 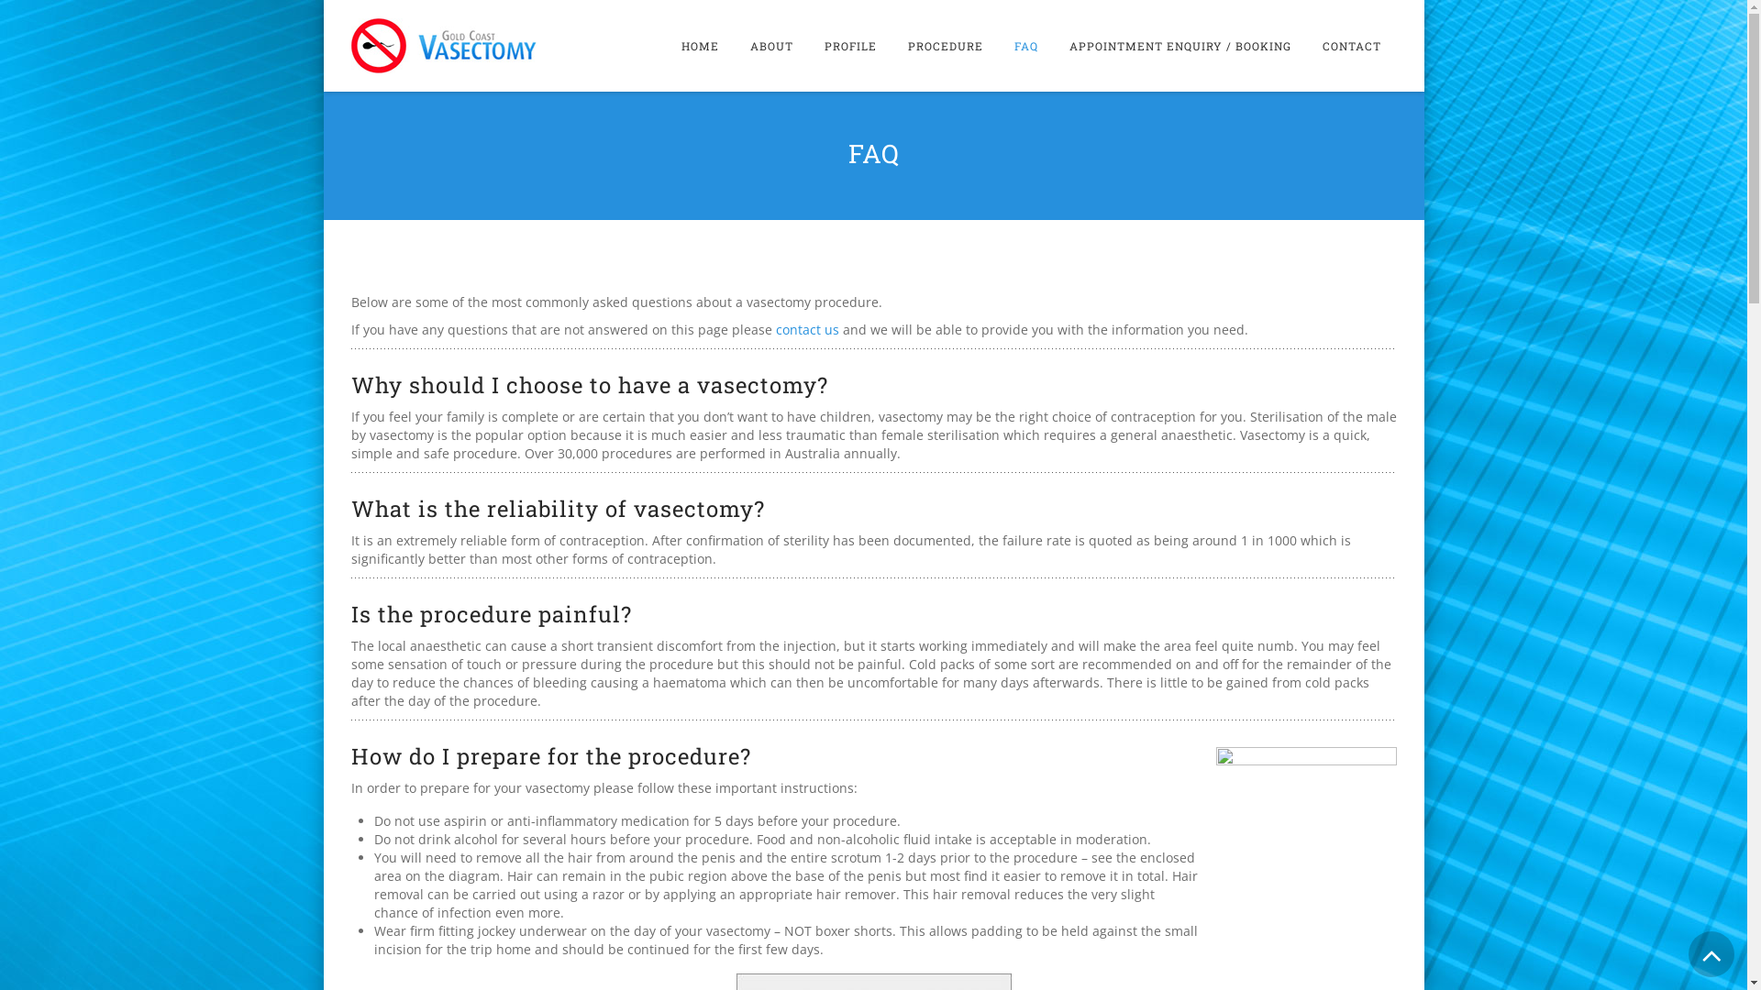 I want to click on 'FAQ', so click(x=1024, y=45).